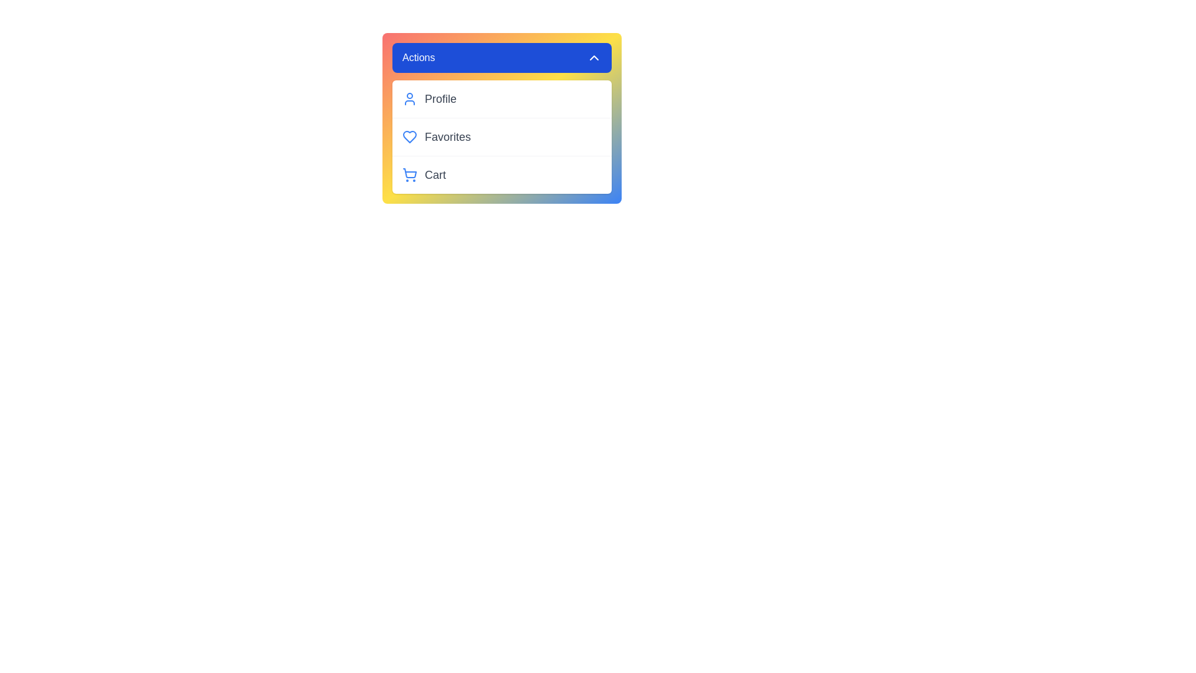  I want to click on the second item in the vertical menu list, which is related to user favorites, so click(502, 136).